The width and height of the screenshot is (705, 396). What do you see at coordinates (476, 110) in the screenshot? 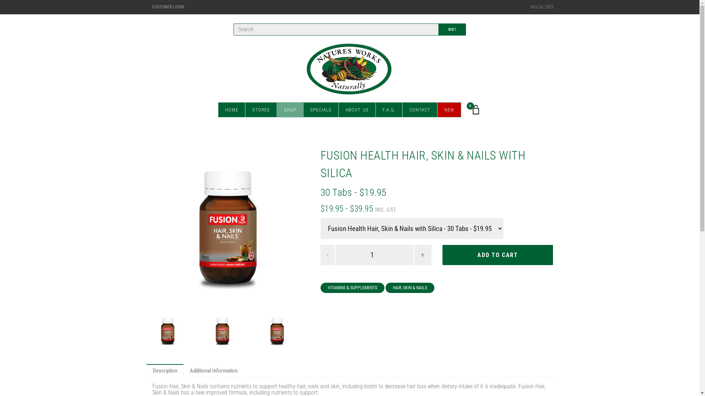
I see `'0'` at bounding box center [476, 110].